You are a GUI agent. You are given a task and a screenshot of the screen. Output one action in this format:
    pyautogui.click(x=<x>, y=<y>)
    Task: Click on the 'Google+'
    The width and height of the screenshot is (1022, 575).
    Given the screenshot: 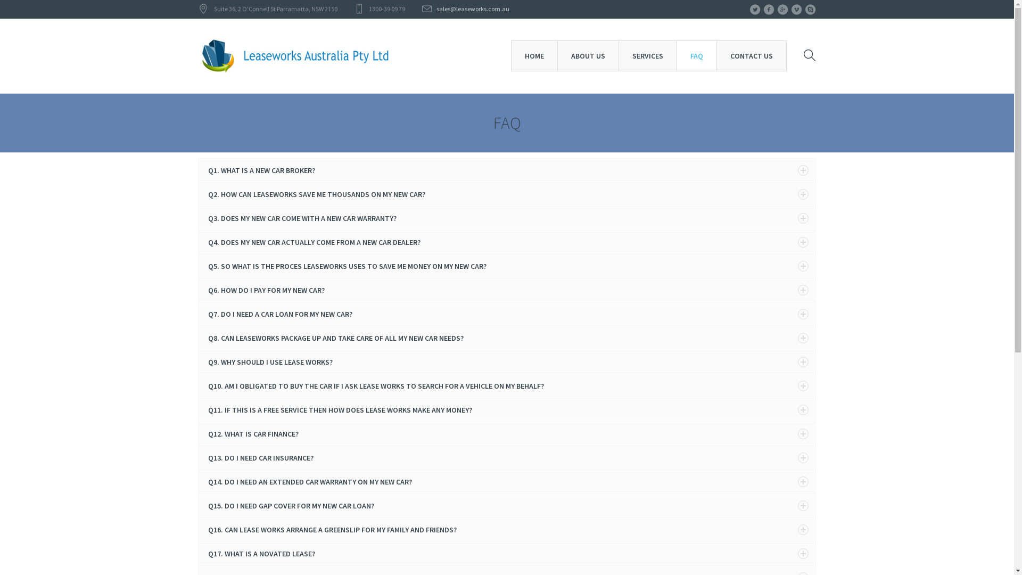 What is the action you would take?
    pyautogui.click(x=782, y=10)
    